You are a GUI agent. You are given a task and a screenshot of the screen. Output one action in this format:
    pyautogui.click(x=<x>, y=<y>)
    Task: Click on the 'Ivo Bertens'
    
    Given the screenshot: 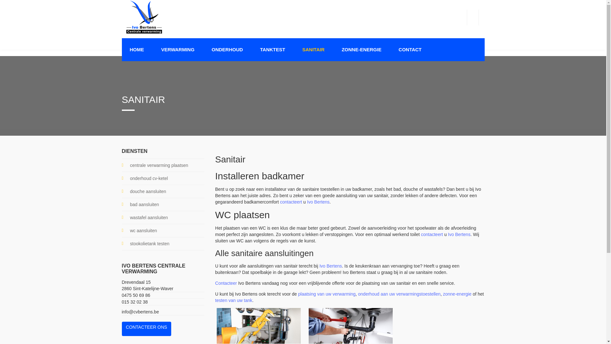 What is the action you would take?
    pyautogui.click(x=318, y=202)
    